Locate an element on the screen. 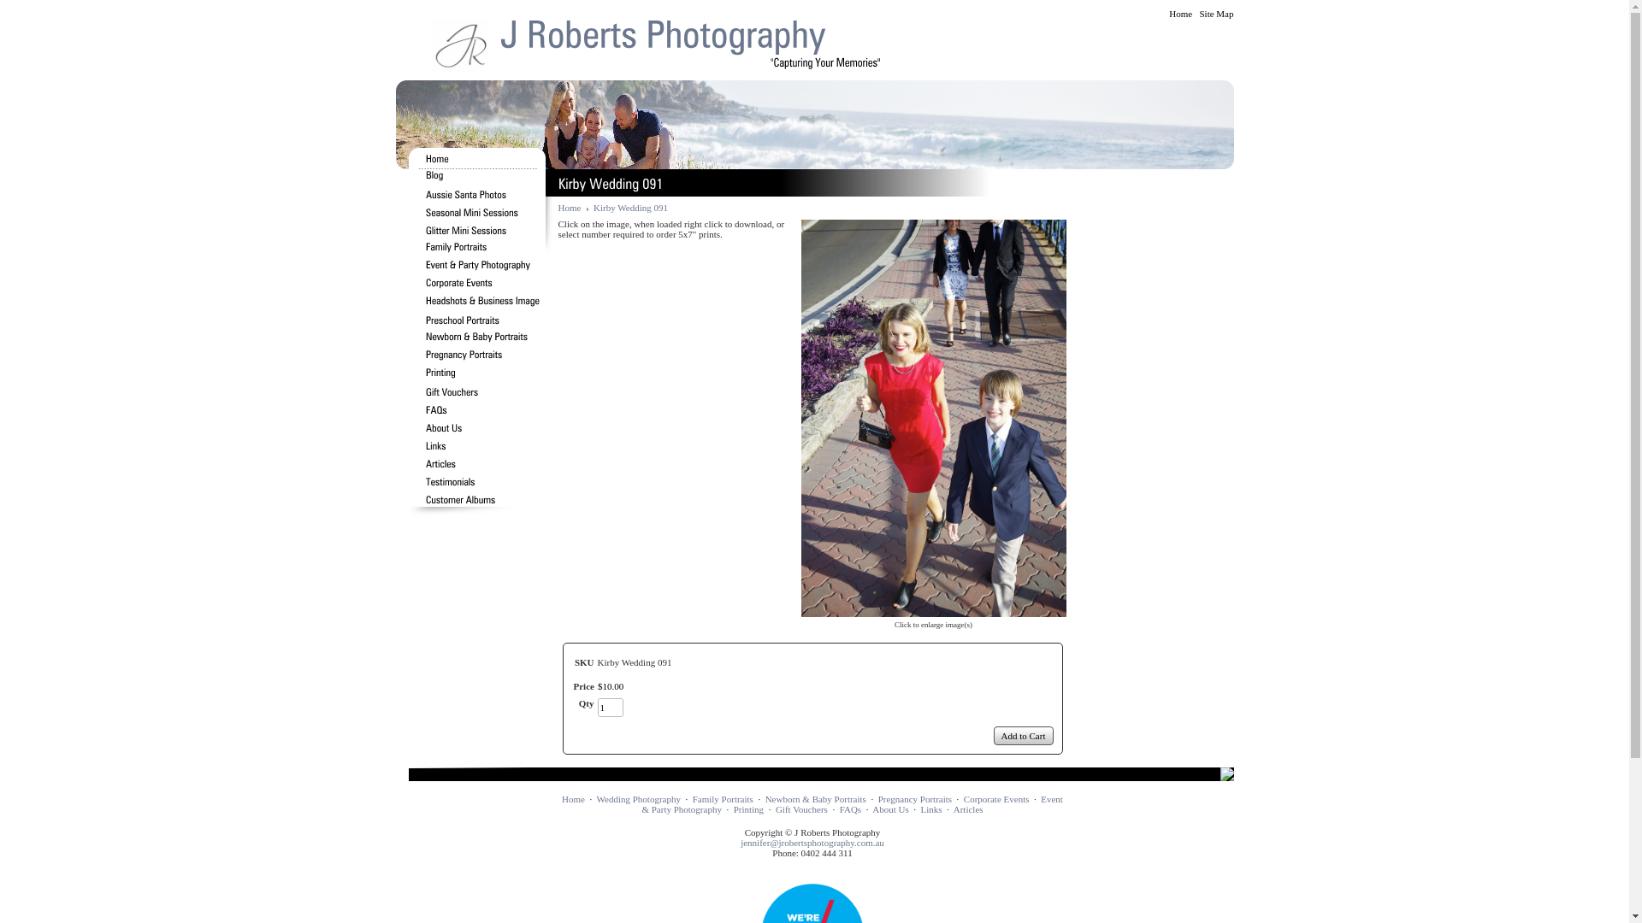 The width and height of the screenshot is (1642, 923). 'Newborn & Baby Portraits' is located at coordinates (764, 798).